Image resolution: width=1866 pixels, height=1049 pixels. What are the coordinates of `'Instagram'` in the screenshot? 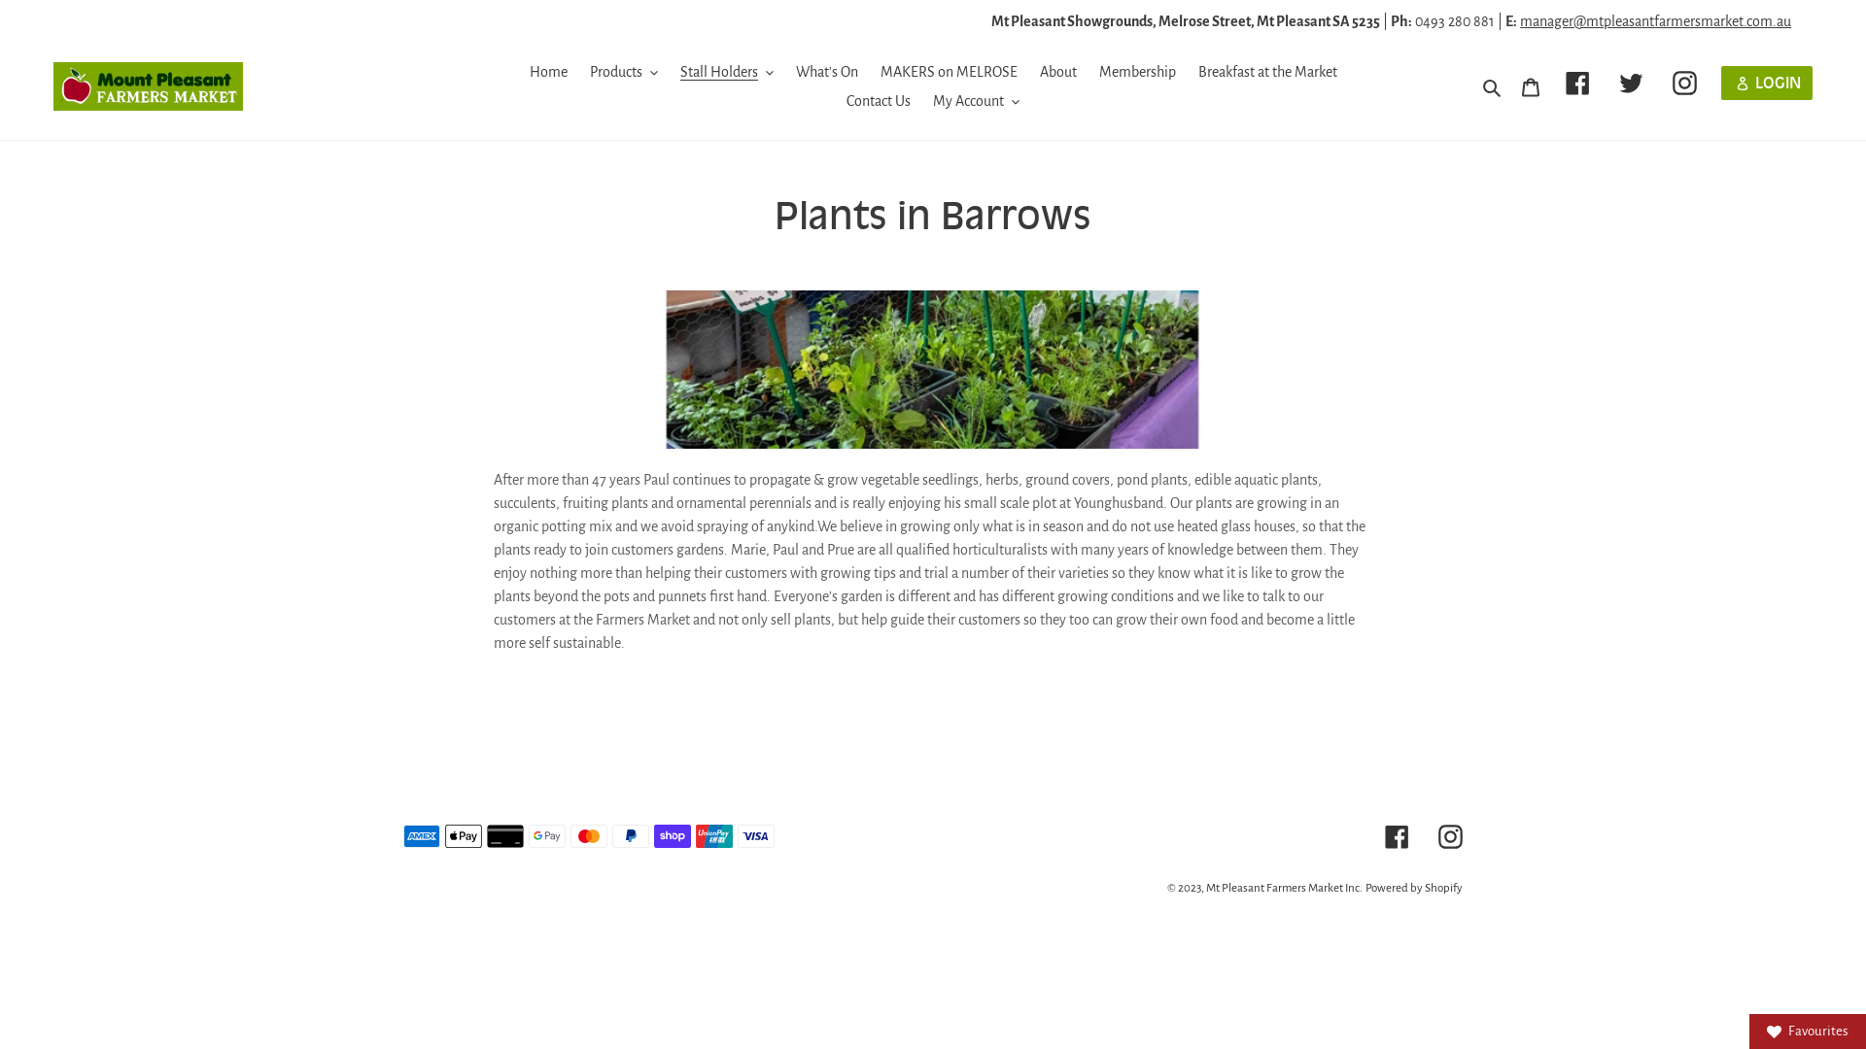 It's located at (1683, 82).